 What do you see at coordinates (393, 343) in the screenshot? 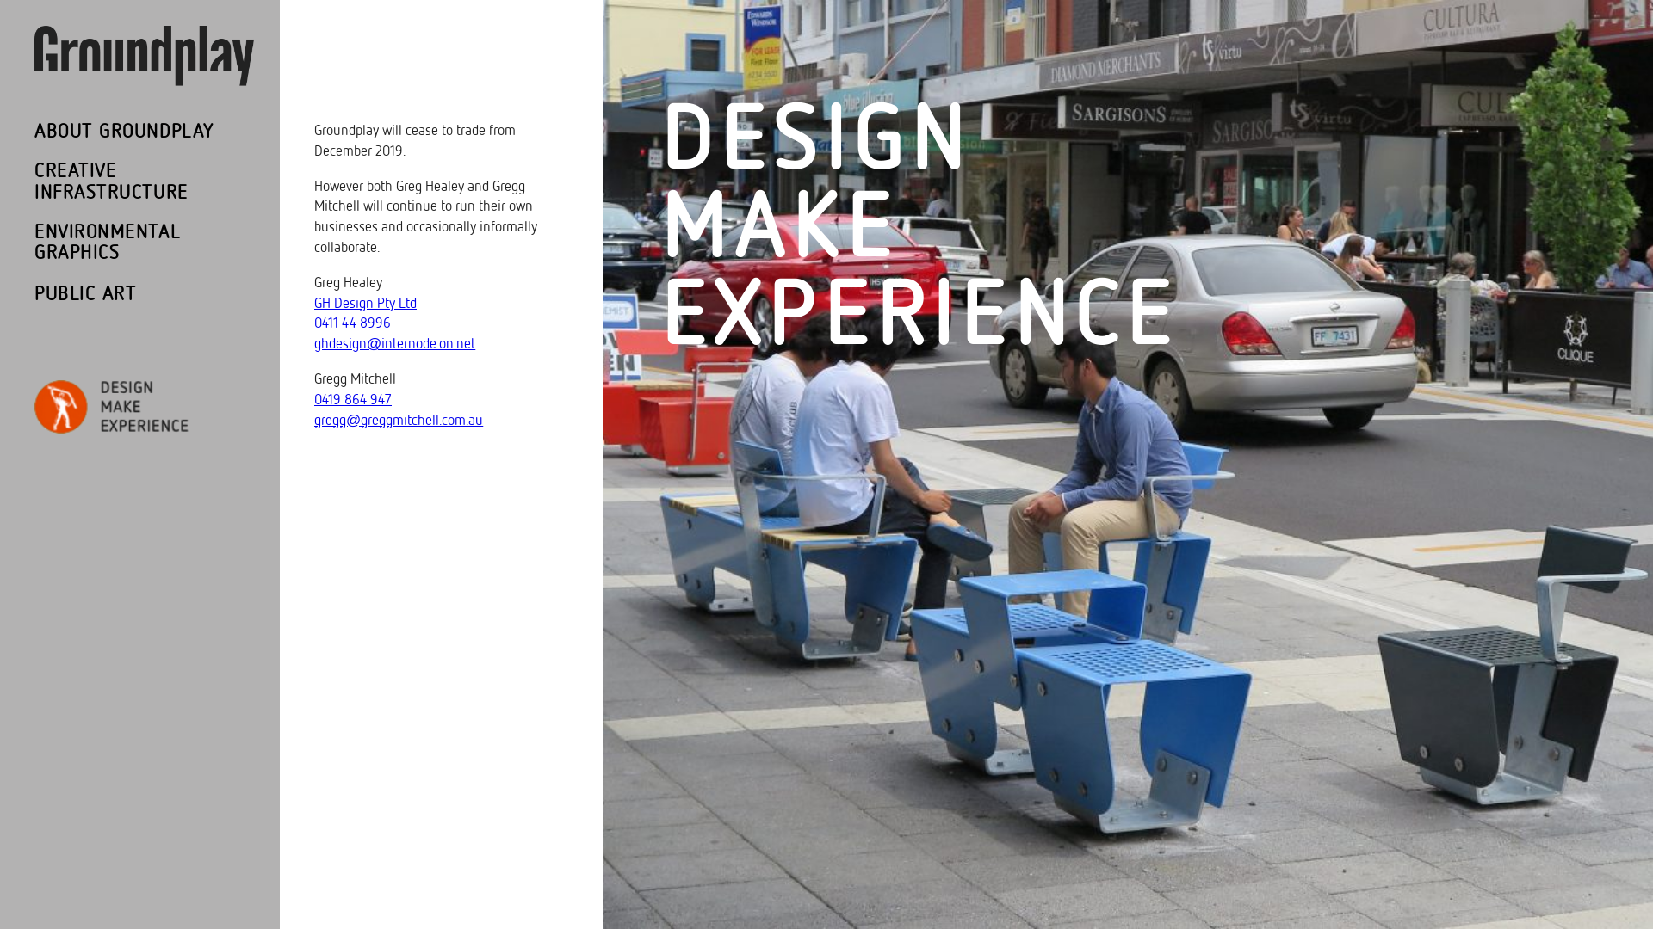
I see `'ghdesign@internode.on.net'` at bounding box center [393, 343].